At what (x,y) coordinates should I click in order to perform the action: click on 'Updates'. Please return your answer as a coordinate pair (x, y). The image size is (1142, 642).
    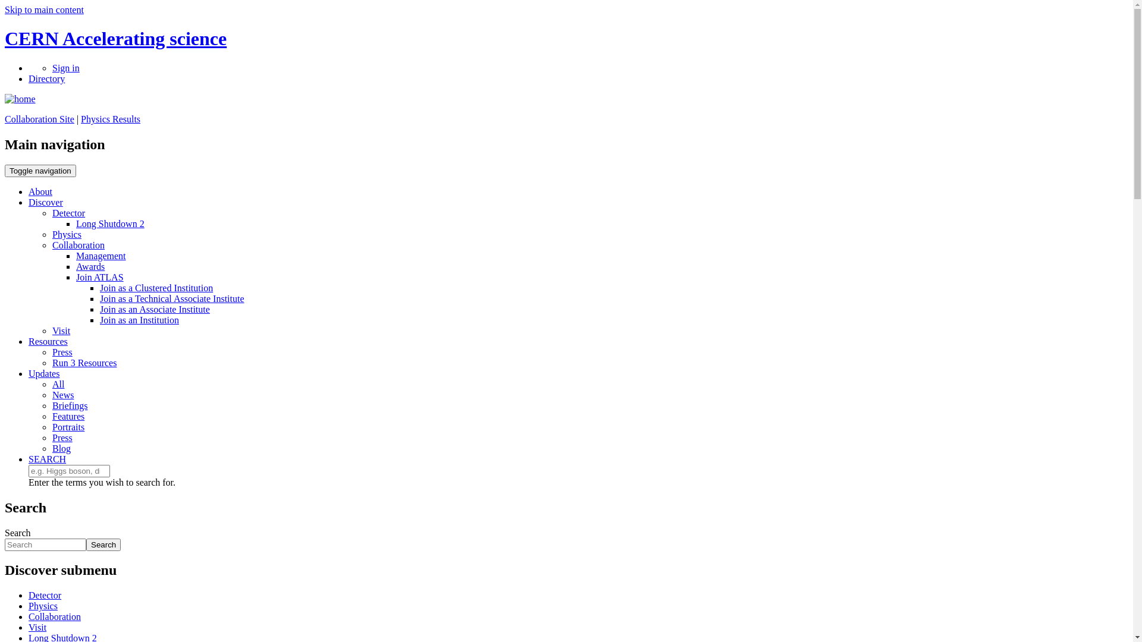
    Looking at the image, I should click on (43, 373).